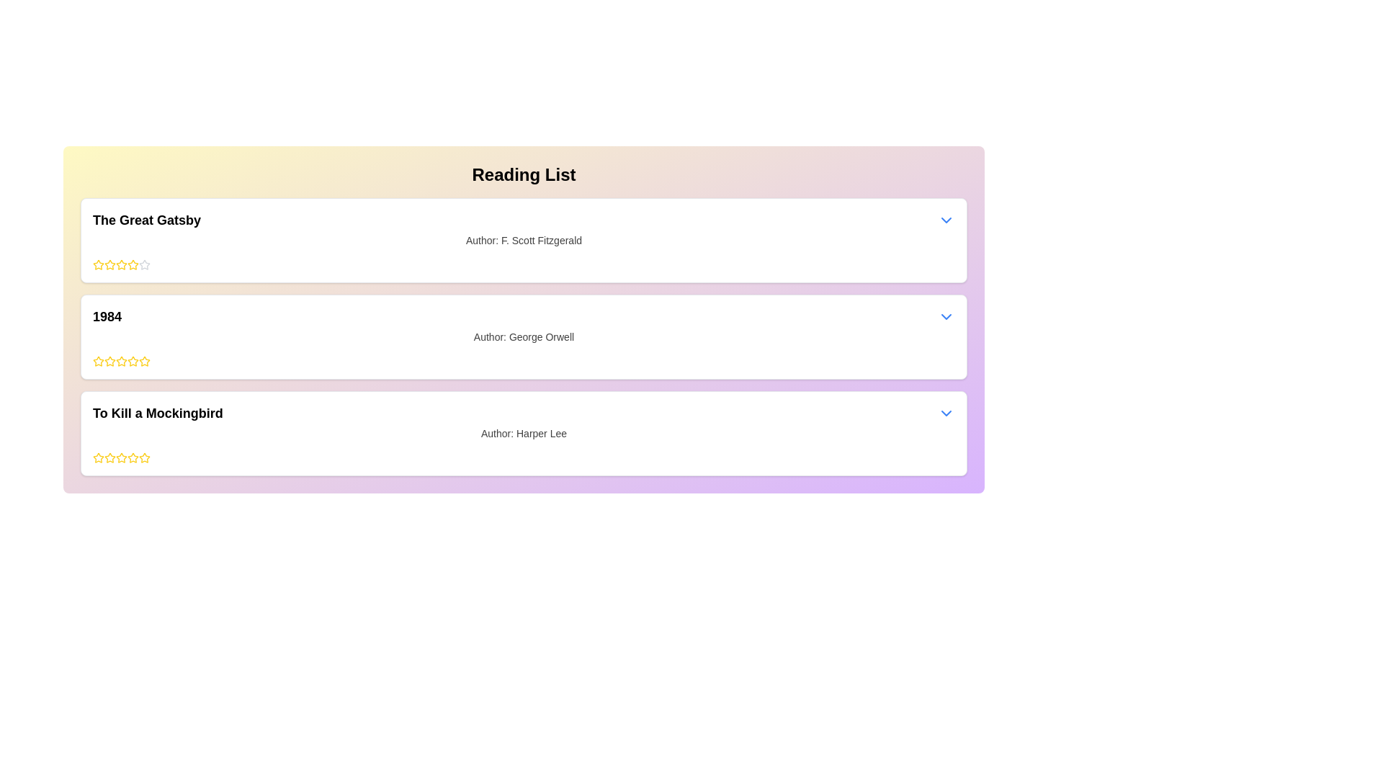 The image size is (1383, 778). Describe the element at coordinates (145, 360) in the screenshot. I see `the second rating star icon for the book '1984'` at that location.